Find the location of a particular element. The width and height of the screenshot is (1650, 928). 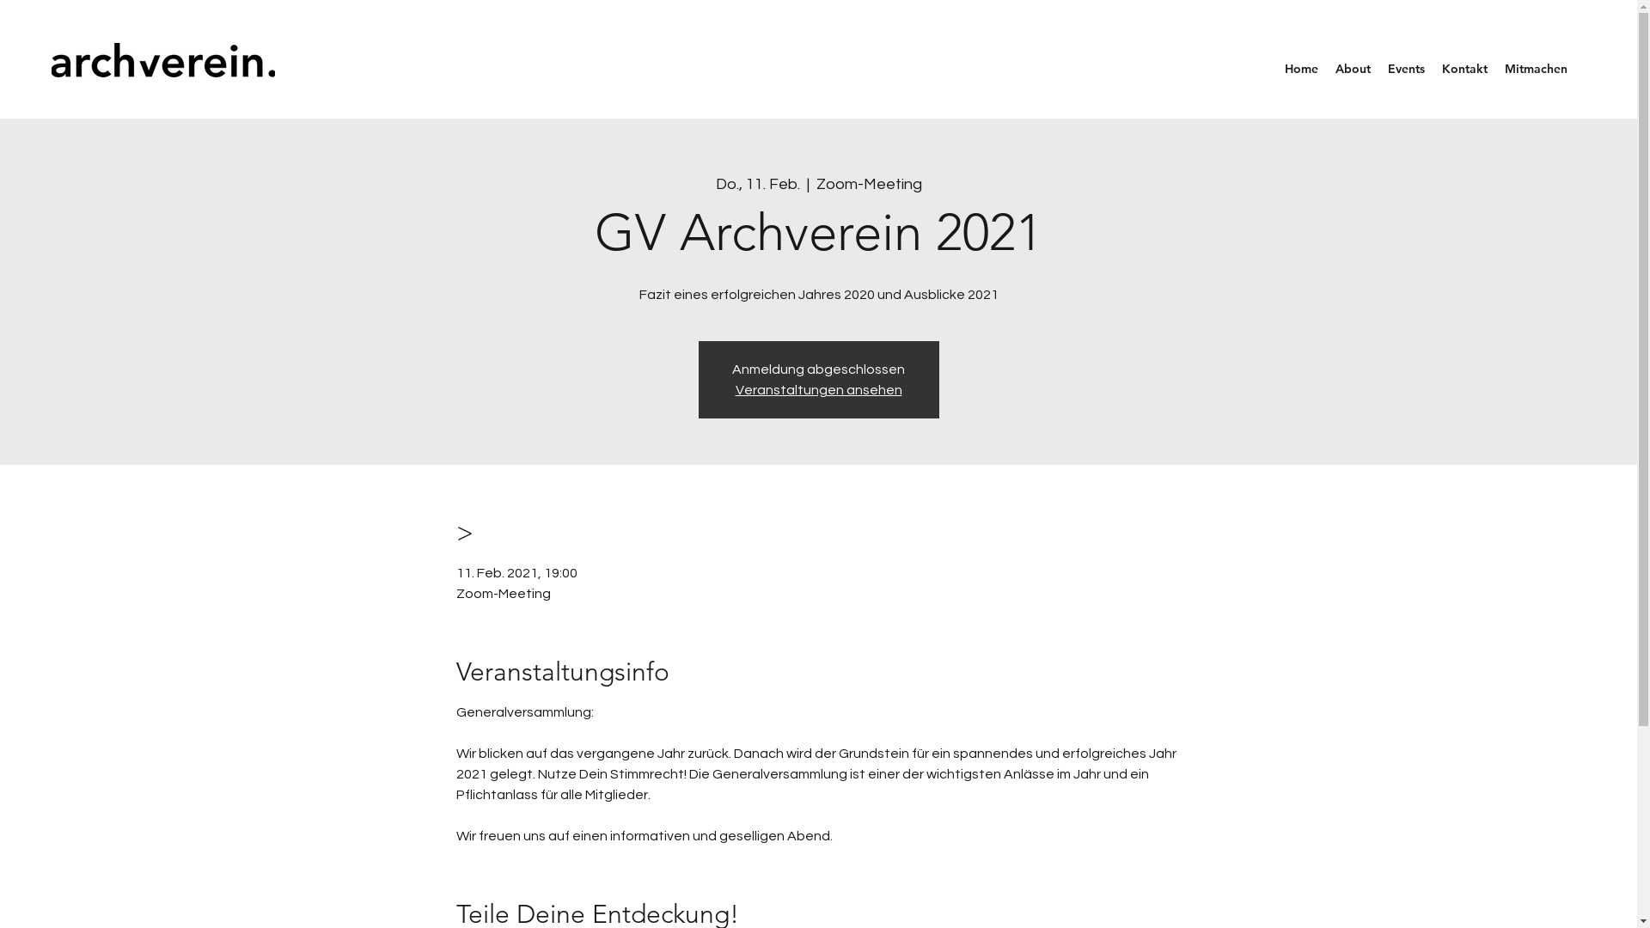

'Mitmachen' is located at coordinates (1495, 68).